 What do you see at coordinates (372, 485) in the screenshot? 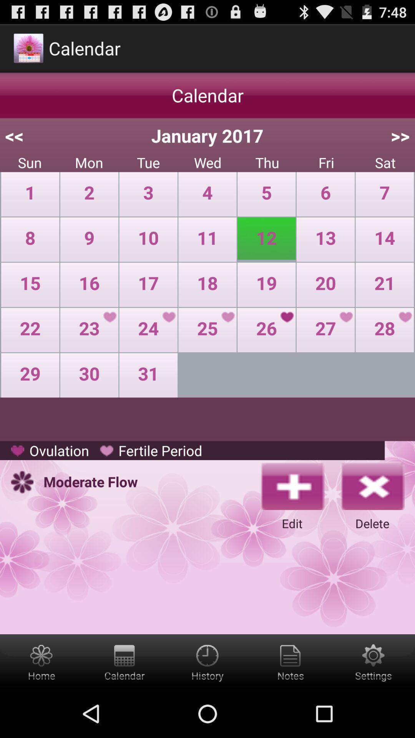
I see `delete` at bounding box center [372, 485].